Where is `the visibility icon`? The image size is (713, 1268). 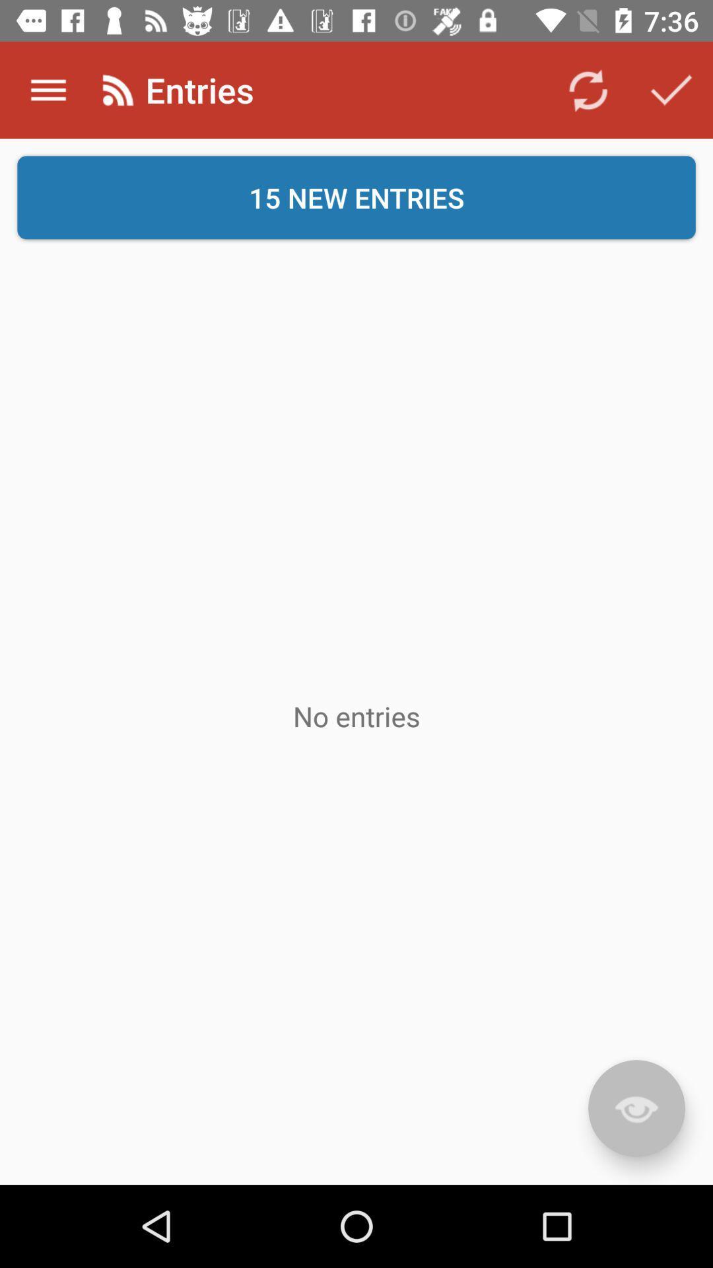
the visibility icon is located at coordinates (636, 1108).